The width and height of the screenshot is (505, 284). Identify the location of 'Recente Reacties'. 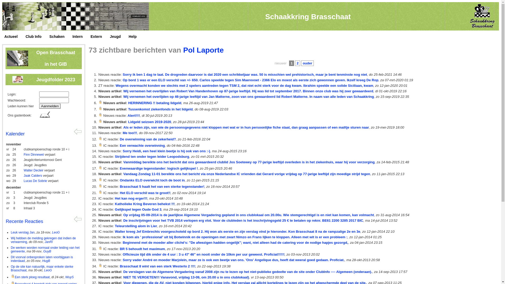
(24, 221).